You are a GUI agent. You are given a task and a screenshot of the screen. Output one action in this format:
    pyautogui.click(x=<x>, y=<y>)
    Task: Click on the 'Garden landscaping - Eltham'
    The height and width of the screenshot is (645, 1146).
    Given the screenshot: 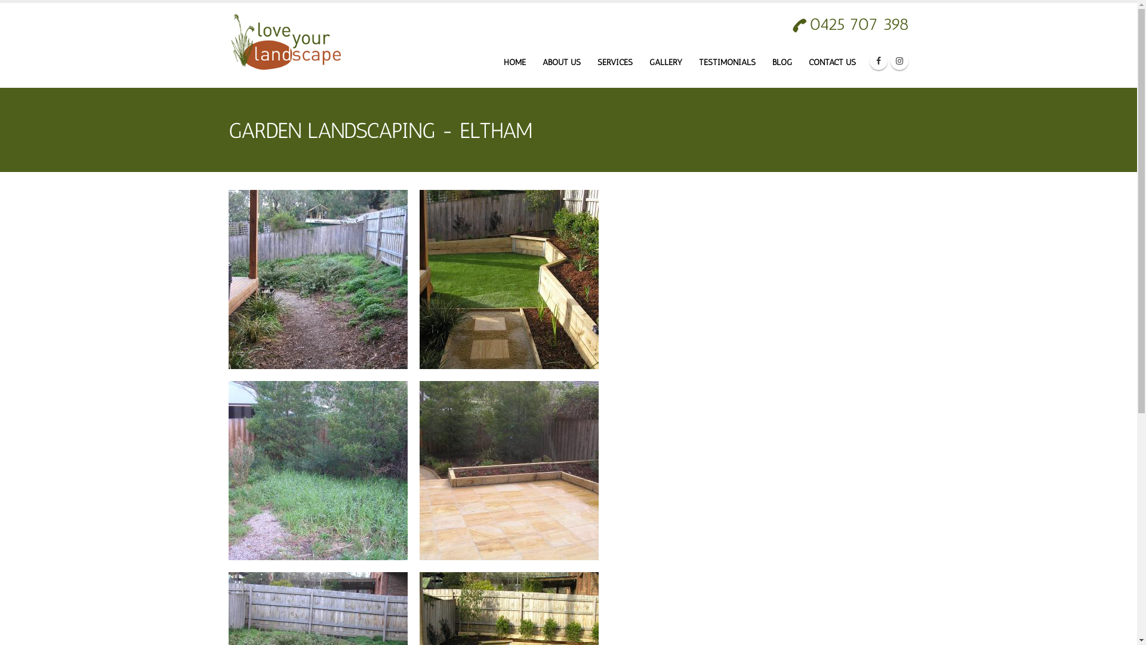 What is the action you would take?
    pyautogui.click(x=318, y=279)
    